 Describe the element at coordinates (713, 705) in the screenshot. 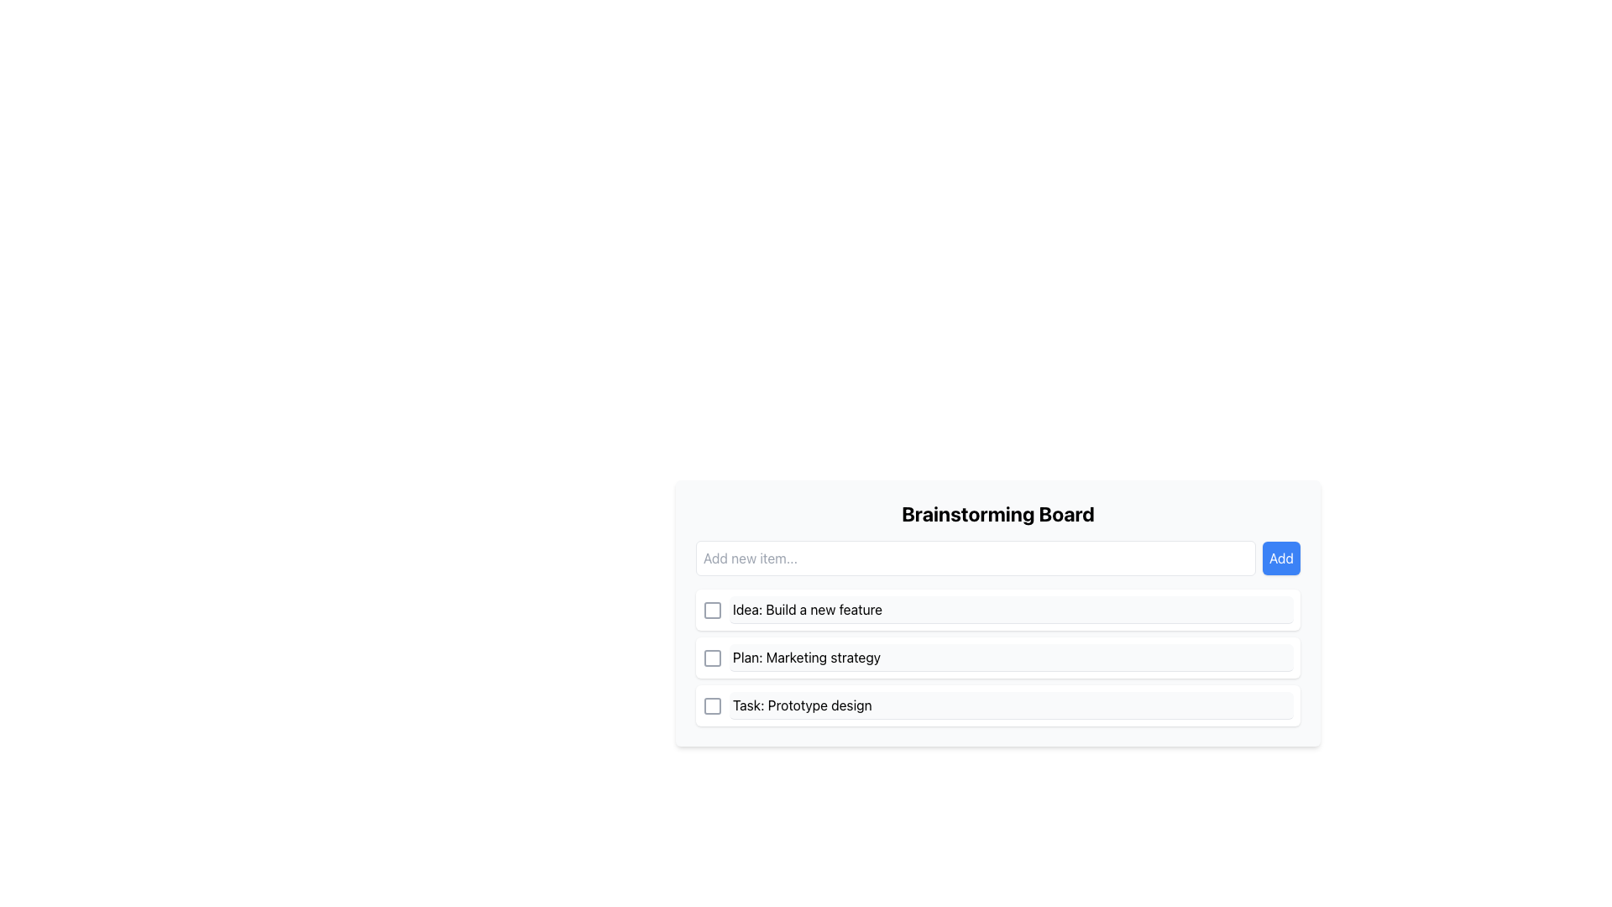

I see `the checkbox located to the left of the list item text 'Task: Prototype design'` at that location.